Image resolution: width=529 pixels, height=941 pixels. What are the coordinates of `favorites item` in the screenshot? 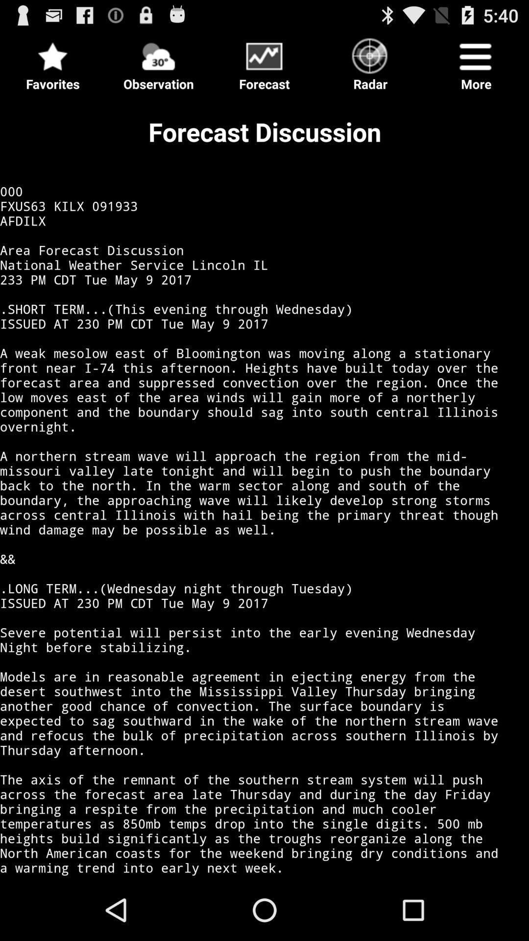 It's located at (53, 61).